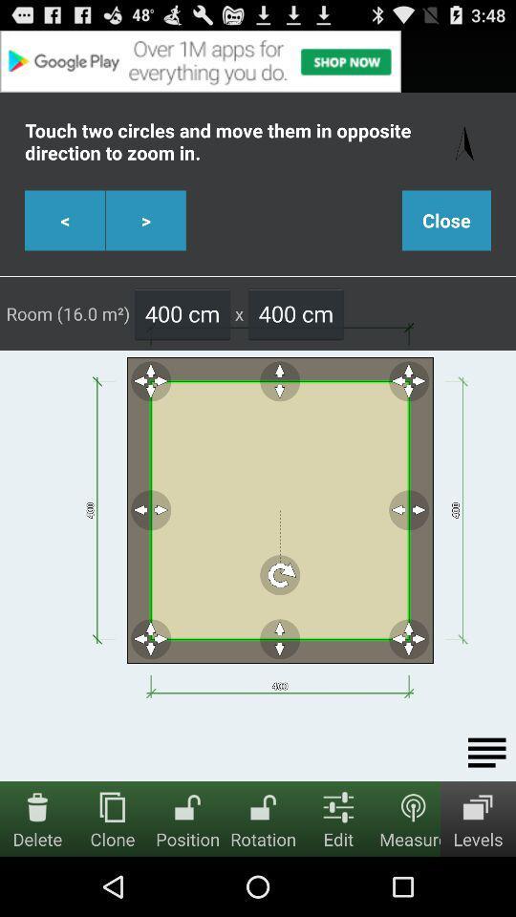  Describe the element at coordinates (262, 805) in the screenshot. I see `the rotation icon` at that location.